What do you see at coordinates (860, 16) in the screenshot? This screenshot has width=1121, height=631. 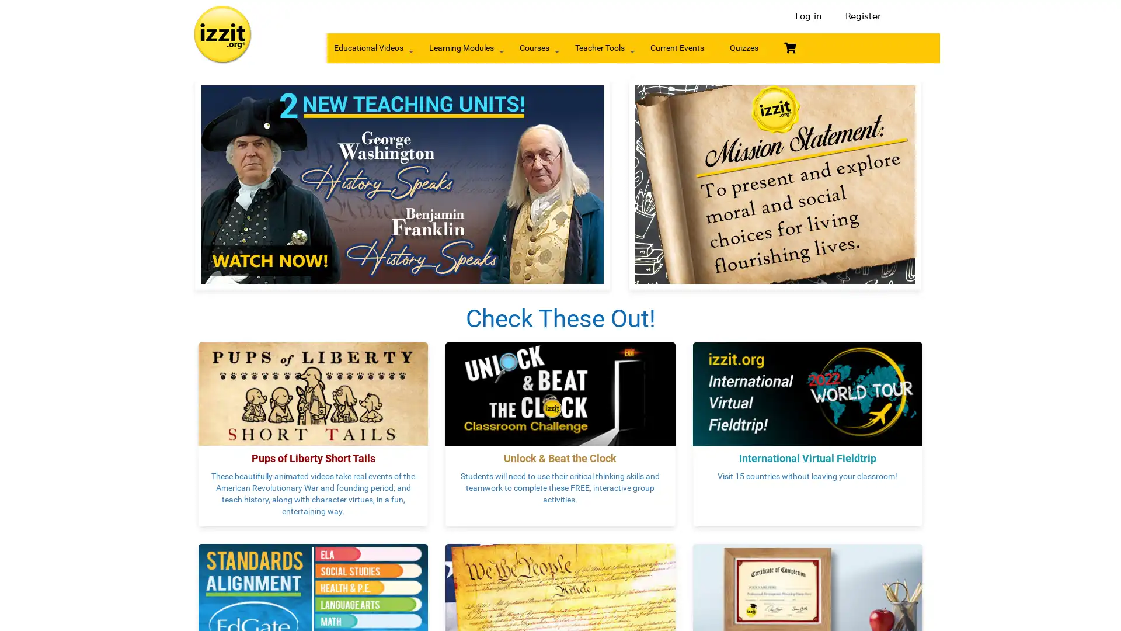 I see `Register` at bounding box center [860, 16].